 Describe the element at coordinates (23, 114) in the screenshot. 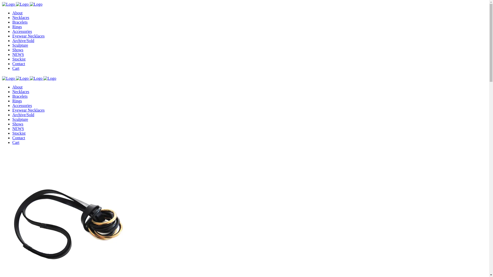

I see `'Archive/Sold'` at that location.